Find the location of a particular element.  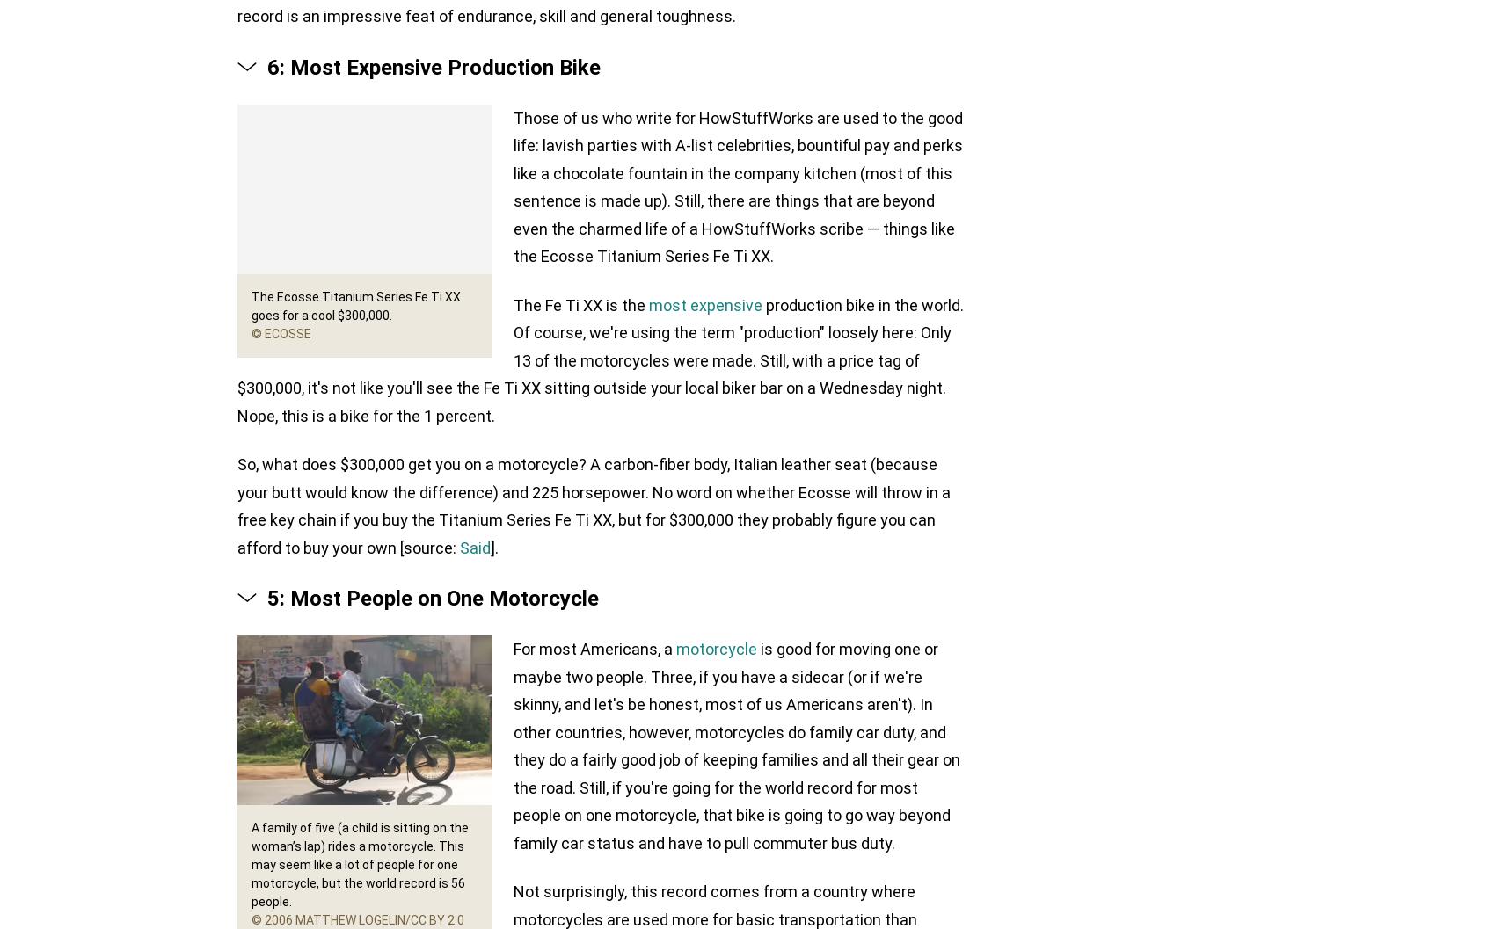

'A family of five (a child is sitting on the woman’s lap) rides a motorcycle. This may seem like a lot of people for one motorcycle, but the world record is 56 people.' is located at coordinates (360, 863).